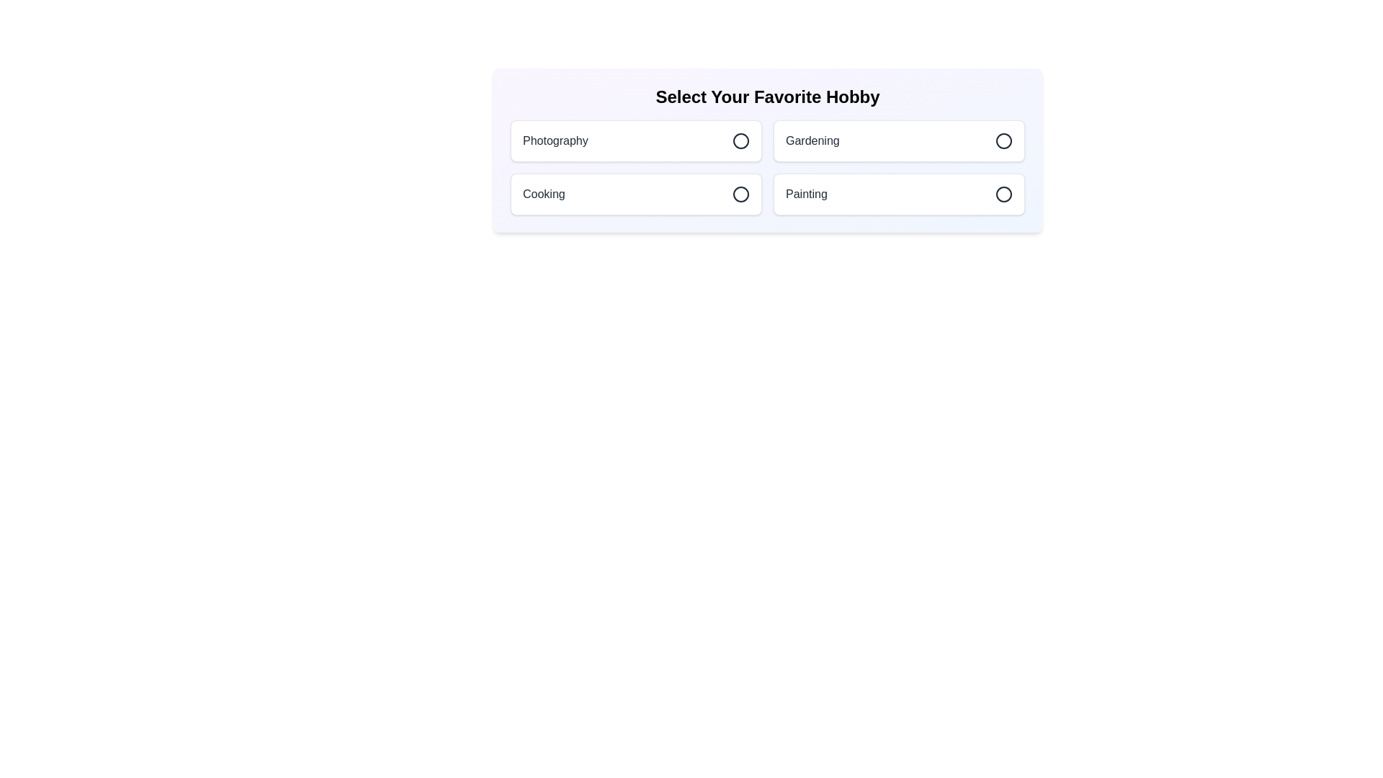 The width and height of the screenshot is (1383, 778). What do you see at coordinates (543, 194) in the screenshot?
I see `the 'Cooking' label using the keyboard to select the option located in the lower-left quadrant of the grid, below 'Photography' and aligned with a circular radio button` at bounding box center [543, 194].